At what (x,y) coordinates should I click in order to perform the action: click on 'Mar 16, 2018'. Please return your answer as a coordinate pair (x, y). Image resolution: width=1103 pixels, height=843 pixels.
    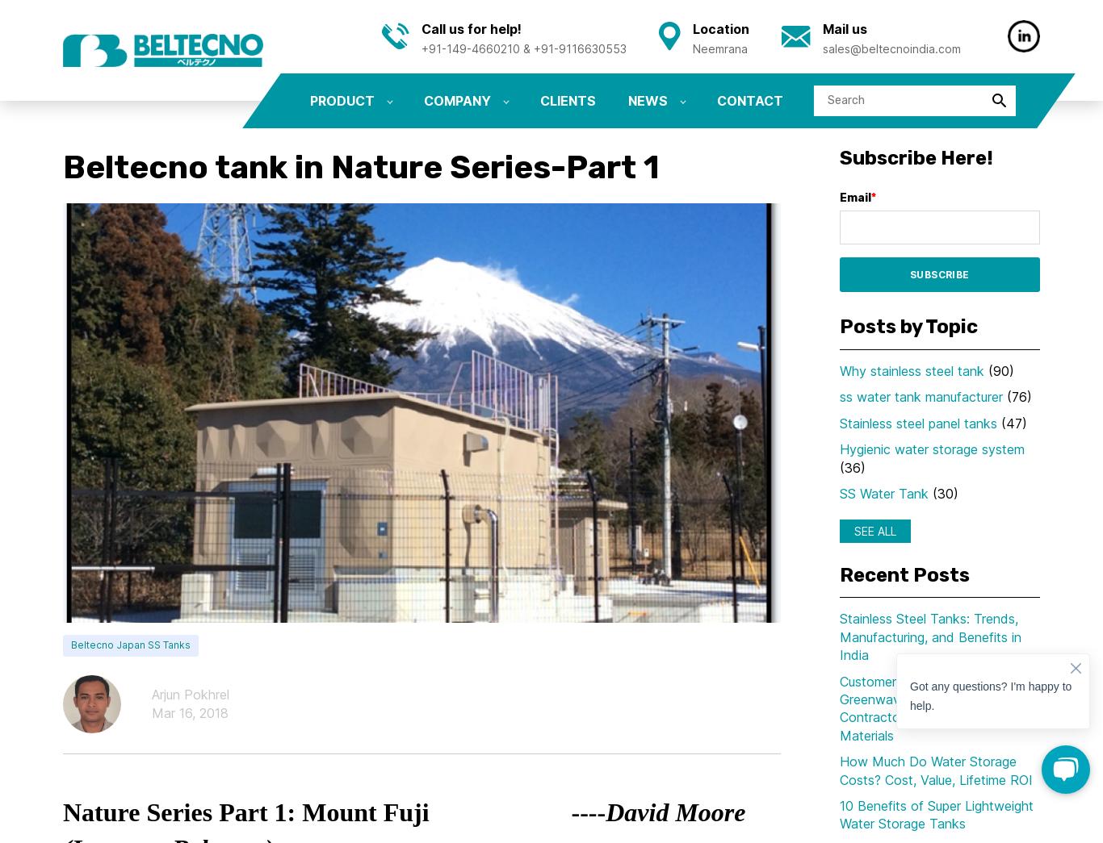
    Looking at the image, I should click on (190, 712).